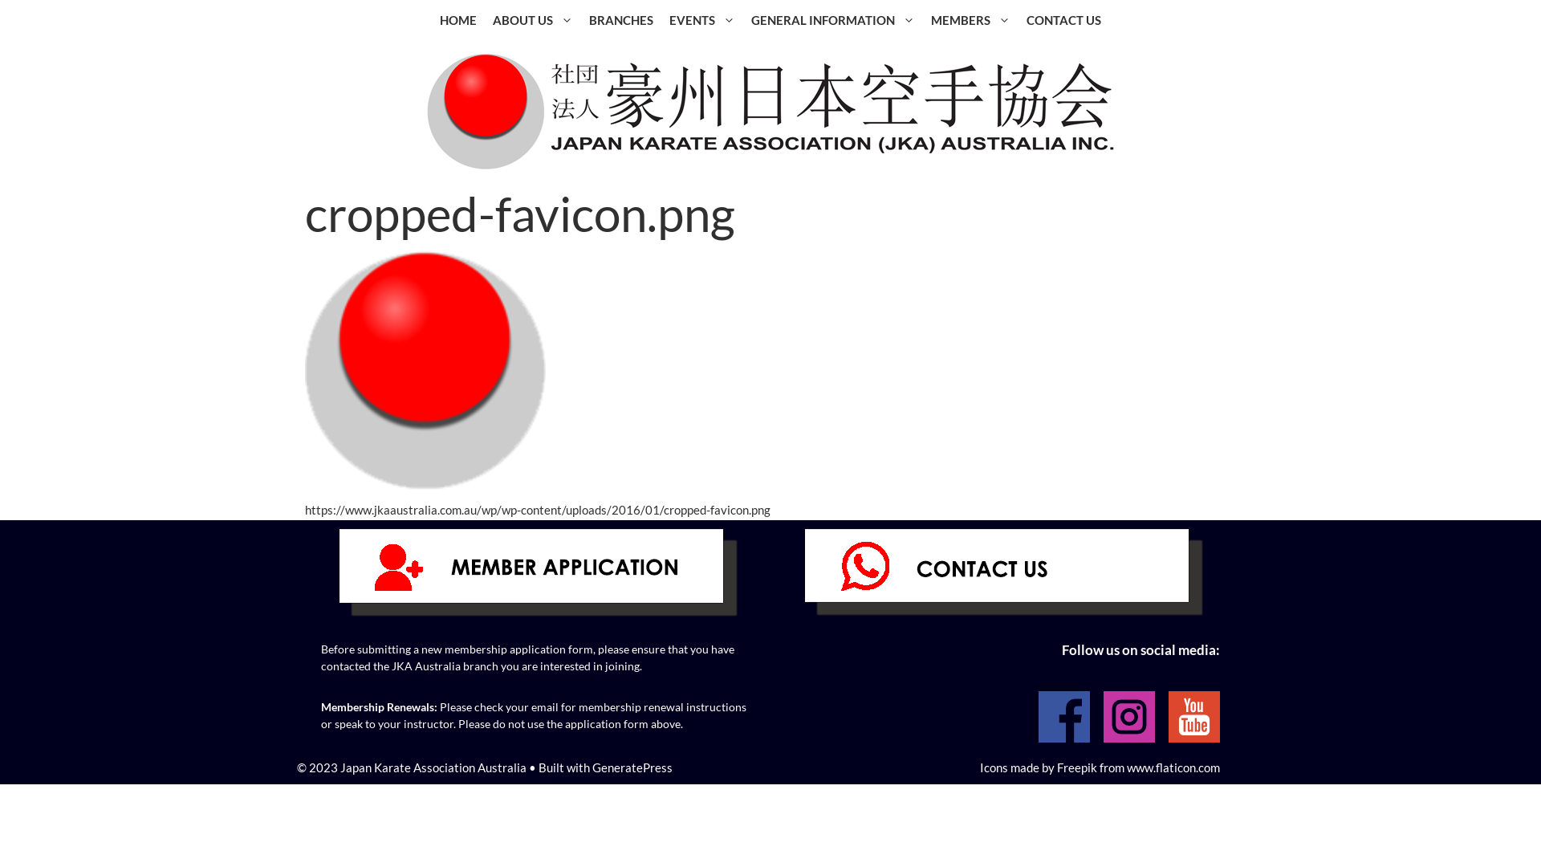  What do you see at coordinates (661, 19) in the screenshot?
I see `'EVENTS'` at bounding box center [661, 19].